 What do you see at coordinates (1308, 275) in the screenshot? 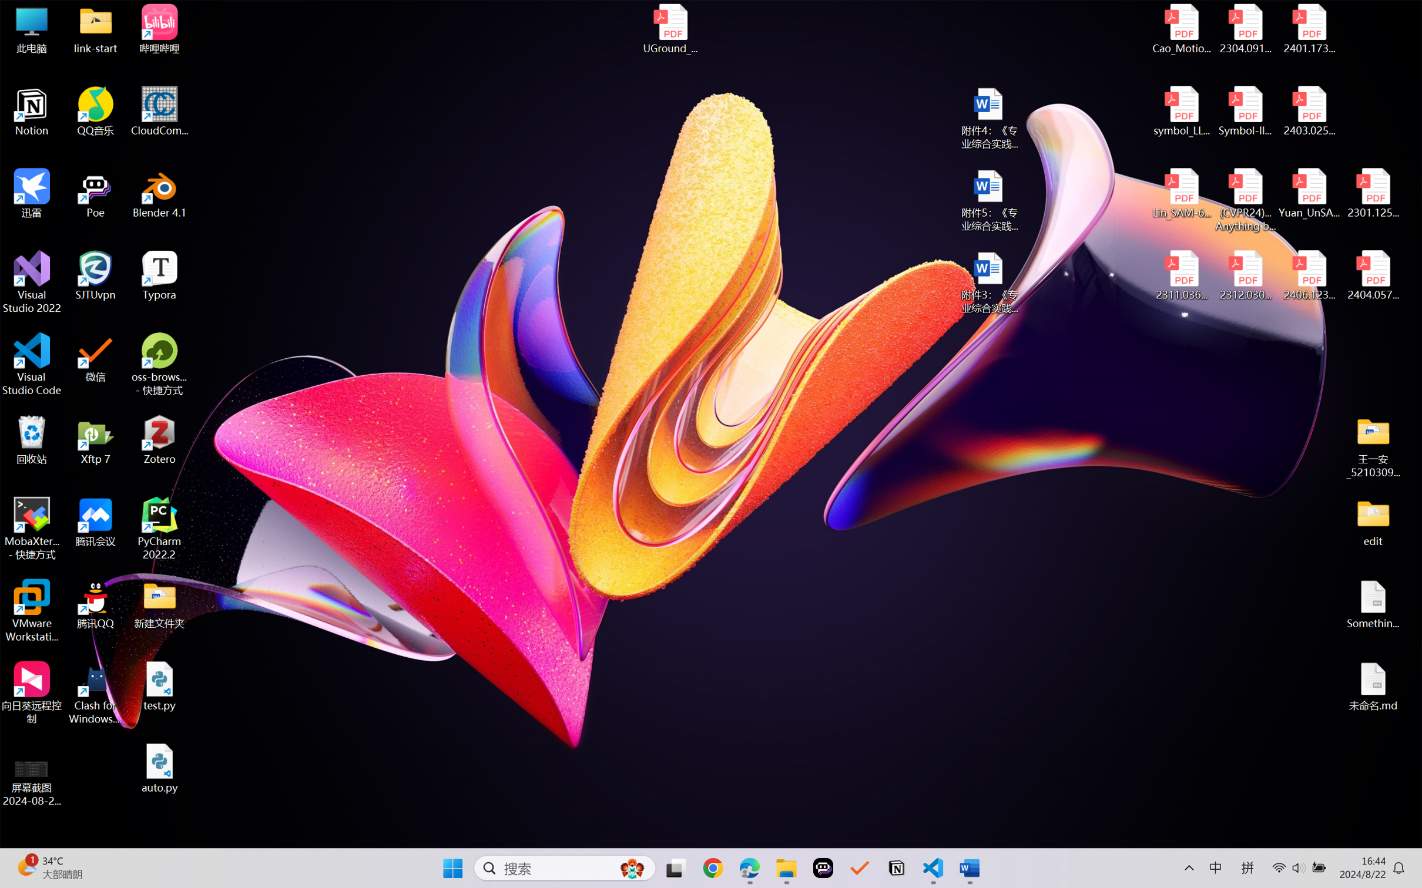
I see `'2406.12373v2.pdf'` at bounding box center [1308, 275].